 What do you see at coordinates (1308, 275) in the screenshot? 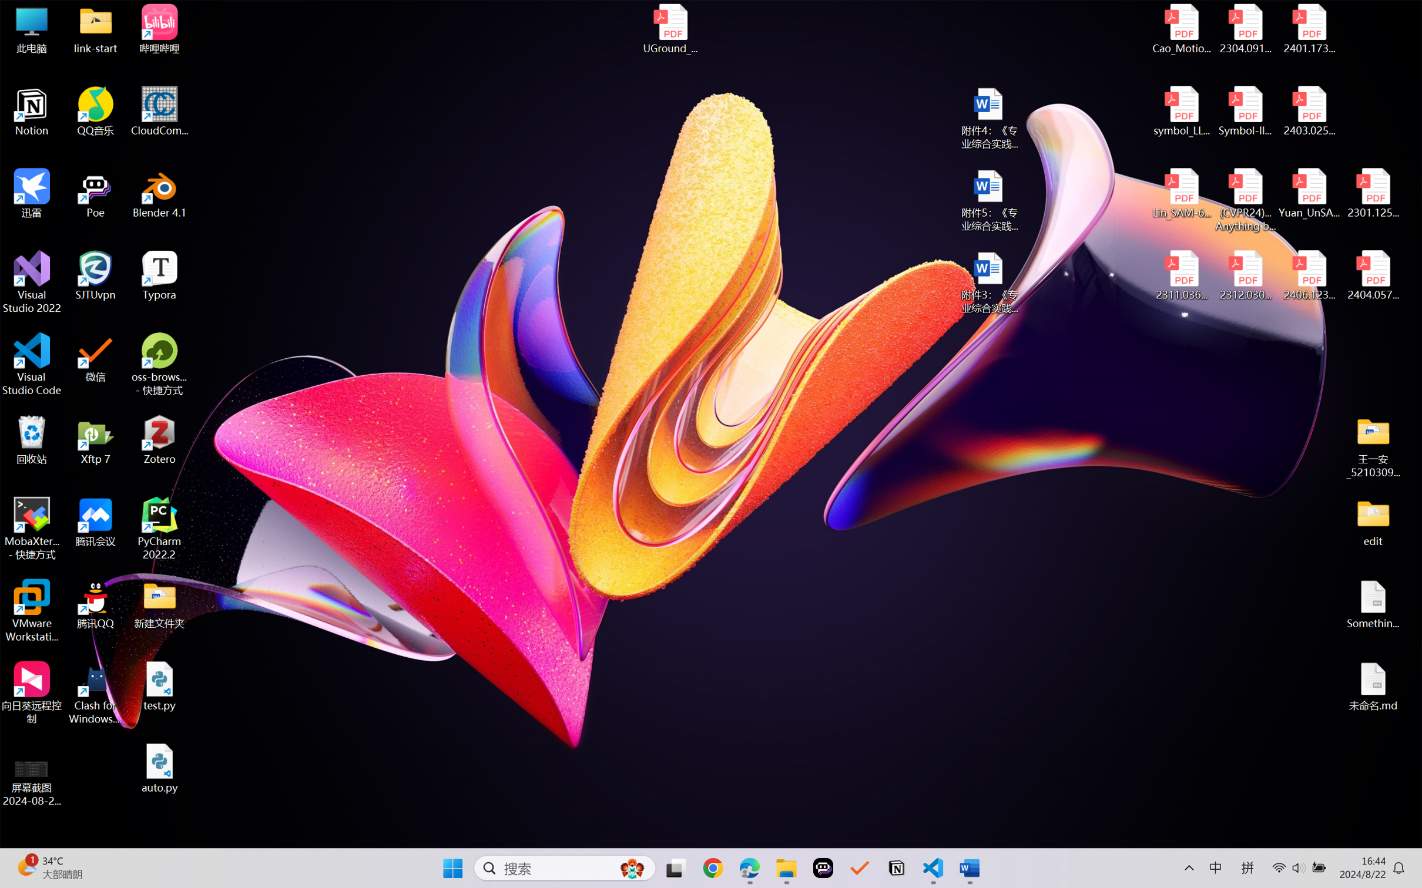
I see `'2406.12373v2.pdf'` at bounding box center [1308, 275].